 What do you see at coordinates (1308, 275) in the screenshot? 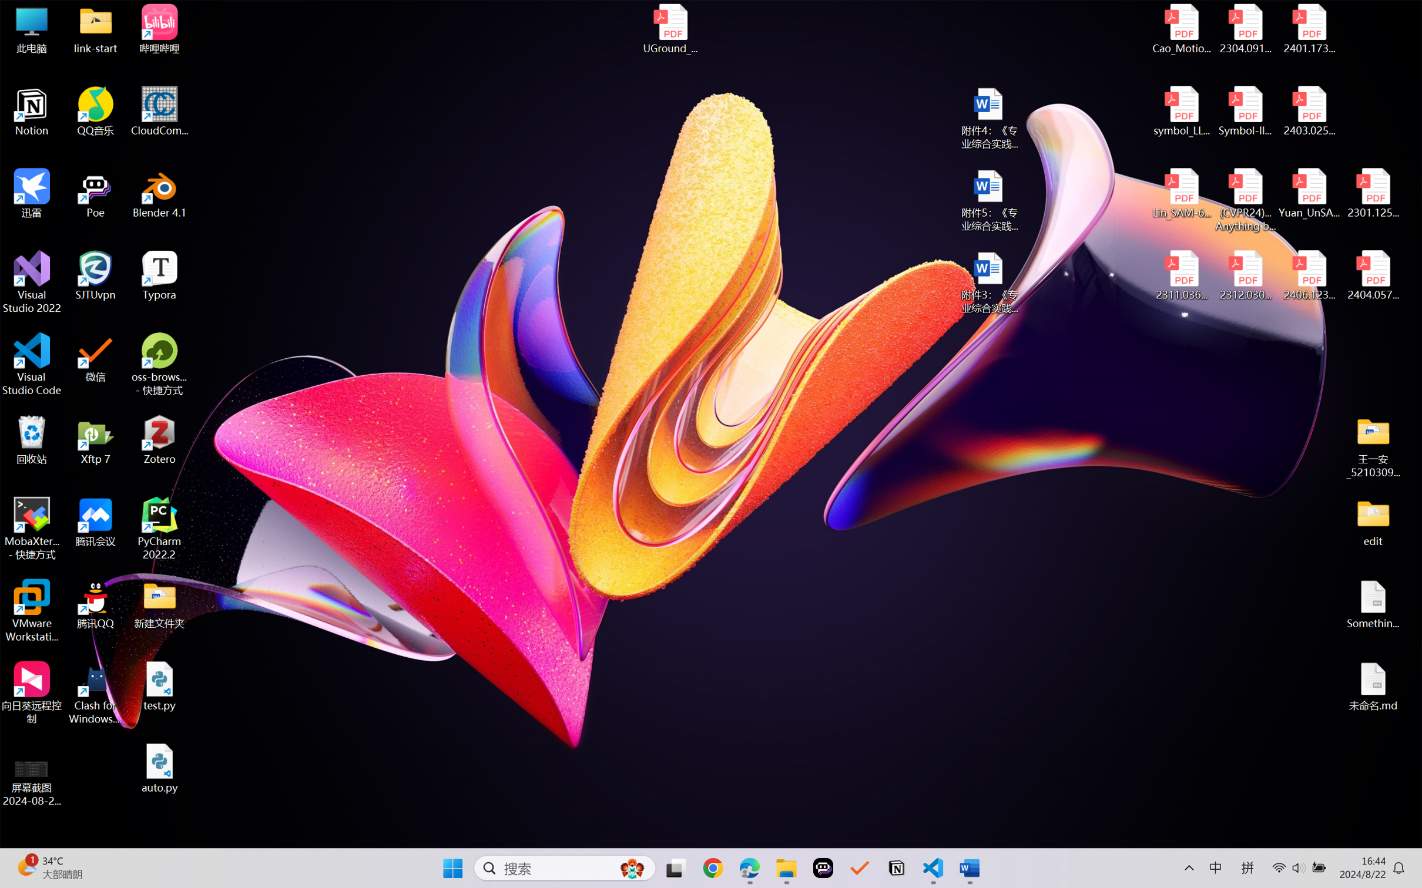
I see `'2406.12373v2.pdf'` at bounding box center [1308, 275].